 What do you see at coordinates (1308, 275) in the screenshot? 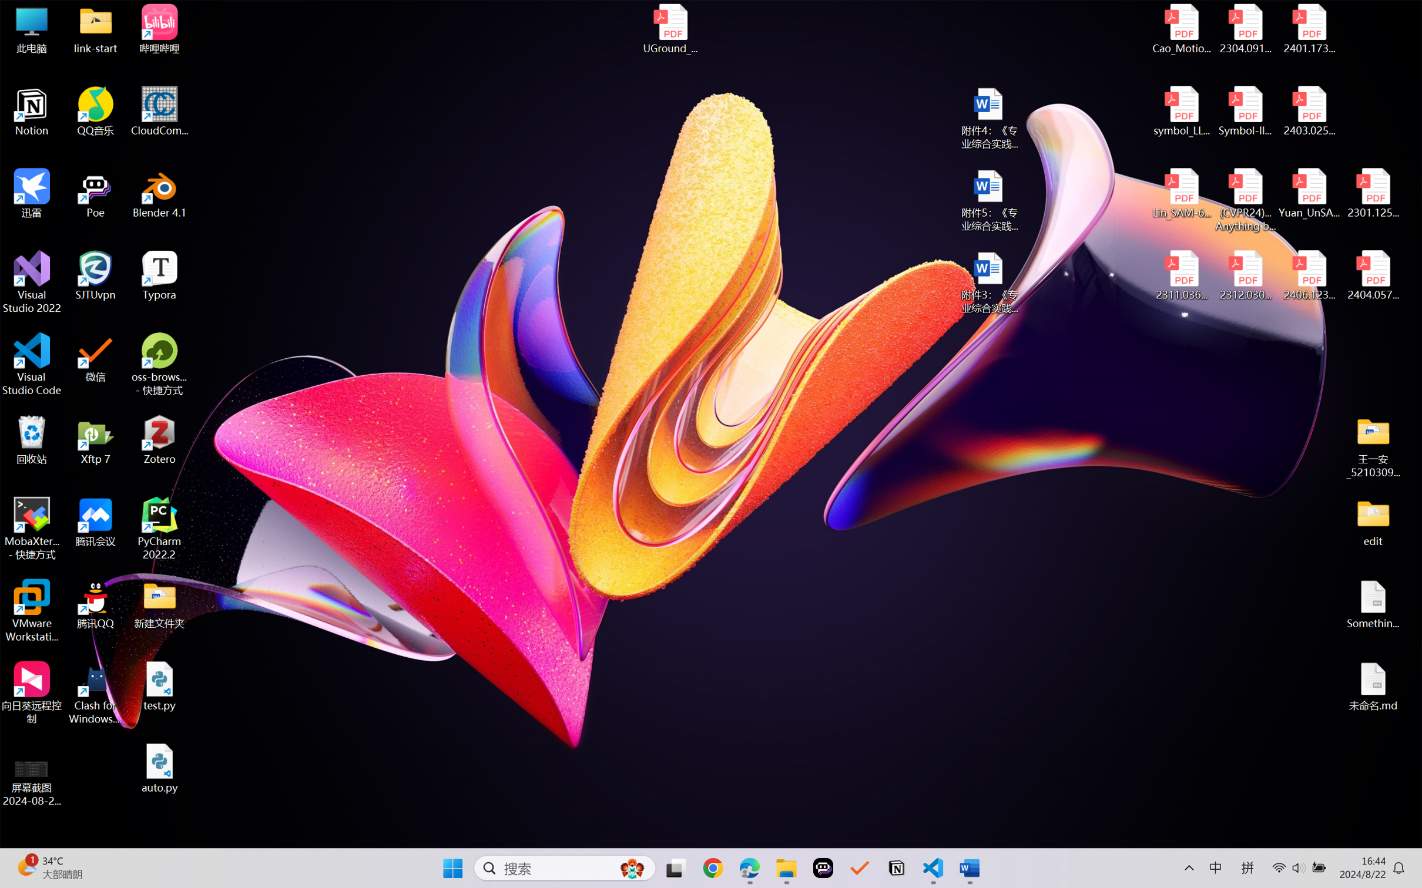
I see `'2406.12373v2.pdf'` at bounding box center [1308, 275].